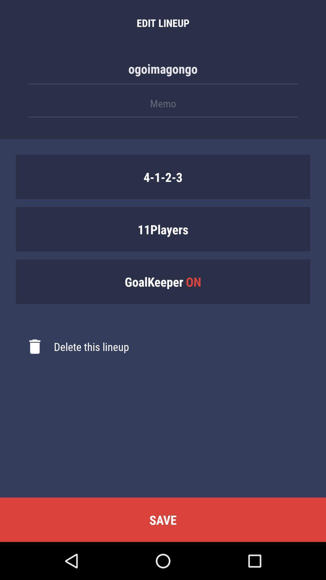  I want to click on item above 11players, so click(163, 176).